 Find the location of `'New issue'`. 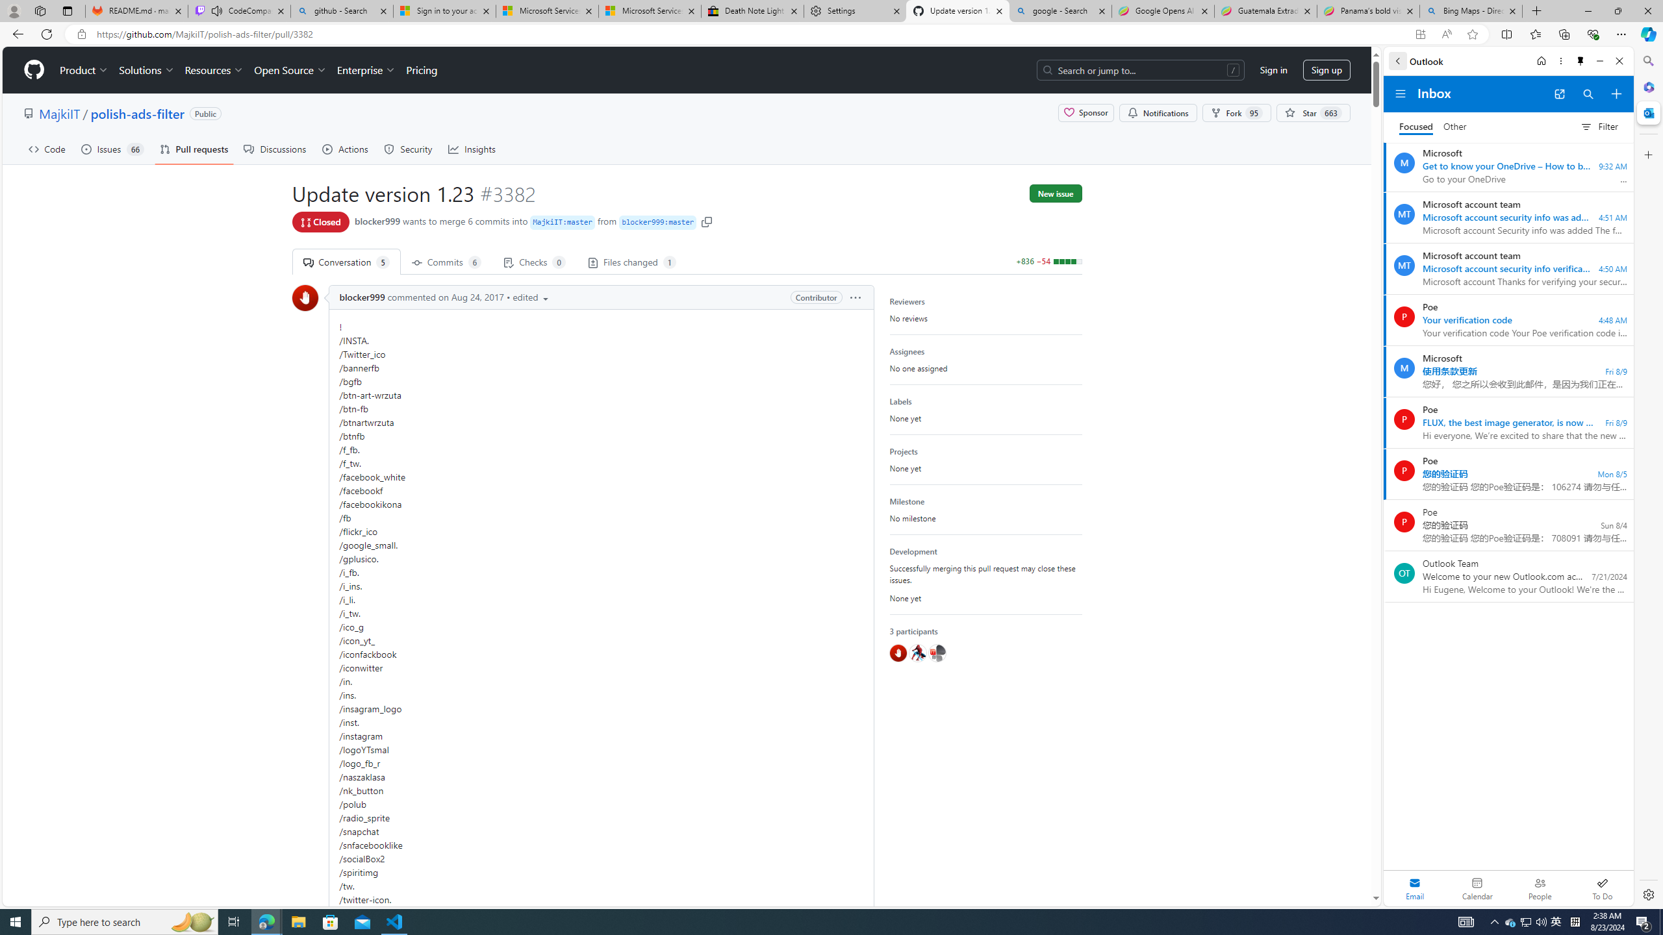

'New issue' is located at coordinates (1056, 193).